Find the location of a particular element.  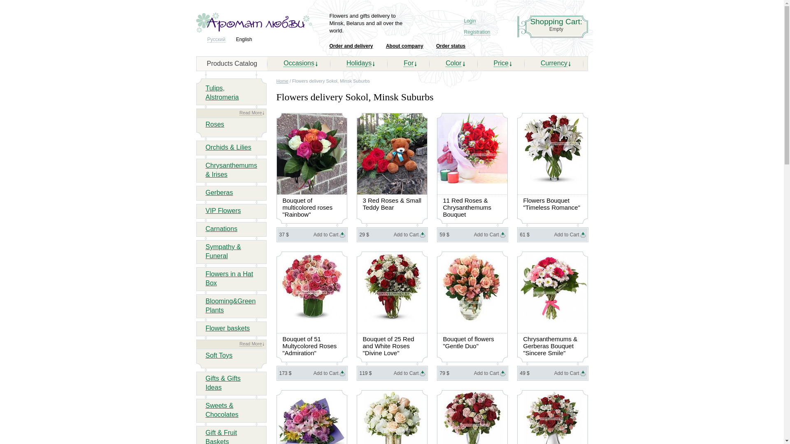

'Read More' is located at coordinates (250, 113).